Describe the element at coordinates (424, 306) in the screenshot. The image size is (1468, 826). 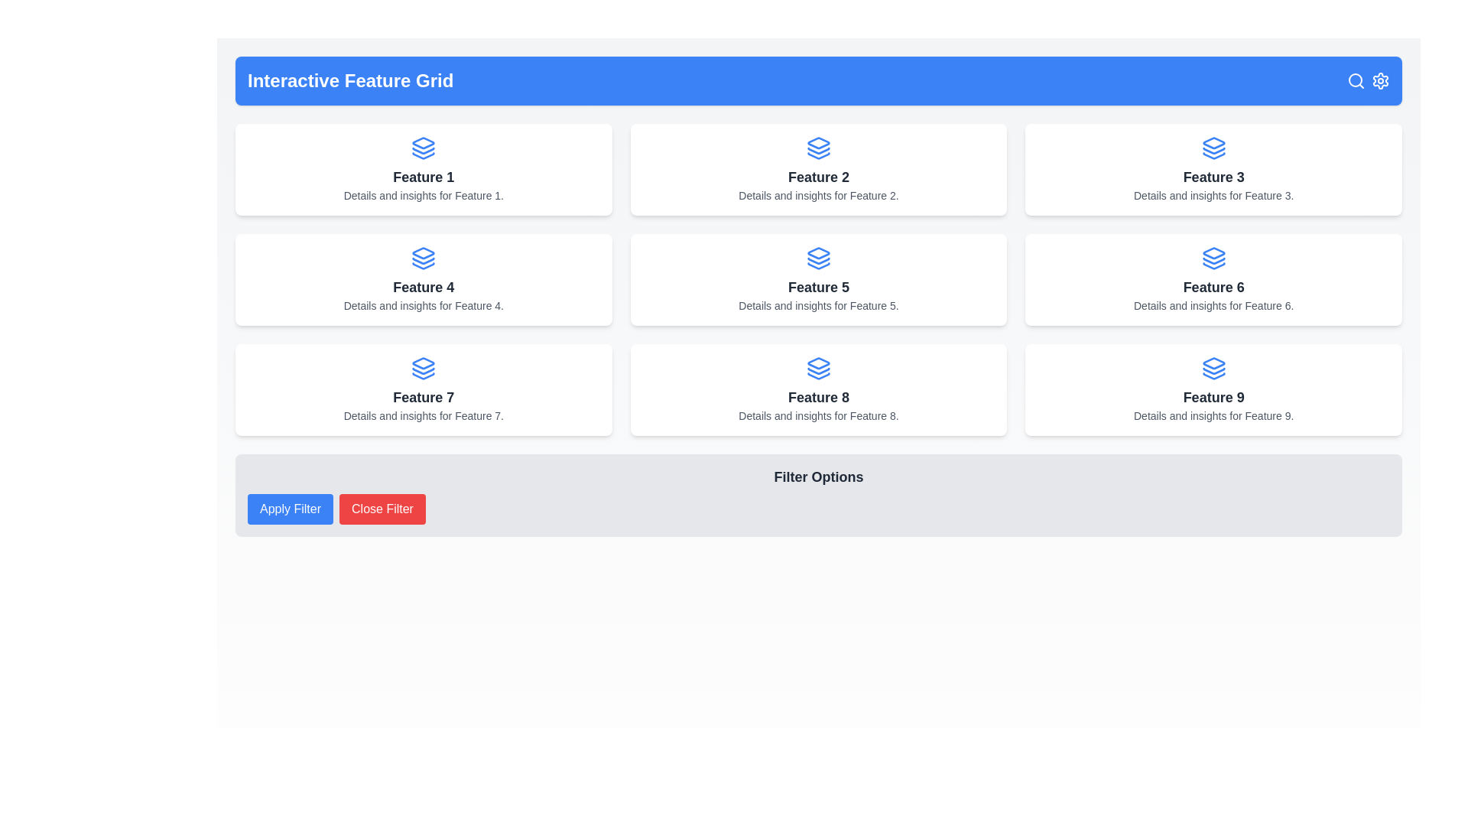
I see `the small gray text label reading 'Details and insights for Feature 4' that is positioned below the title 'Feature 4' in the associated card` at that location.